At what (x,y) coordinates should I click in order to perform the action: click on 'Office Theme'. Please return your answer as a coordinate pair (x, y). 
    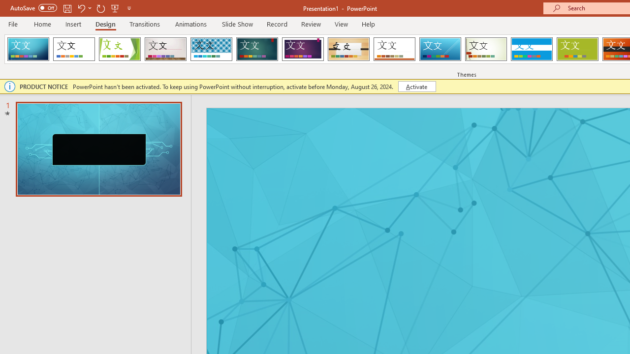
    Looking at the image, I should click on (73, 49).